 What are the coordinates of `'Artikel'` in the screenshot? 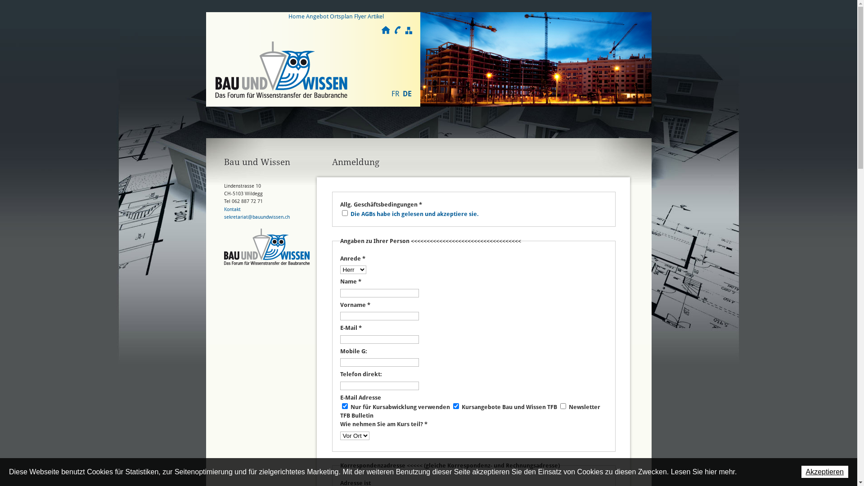 It's located at (376, 16).